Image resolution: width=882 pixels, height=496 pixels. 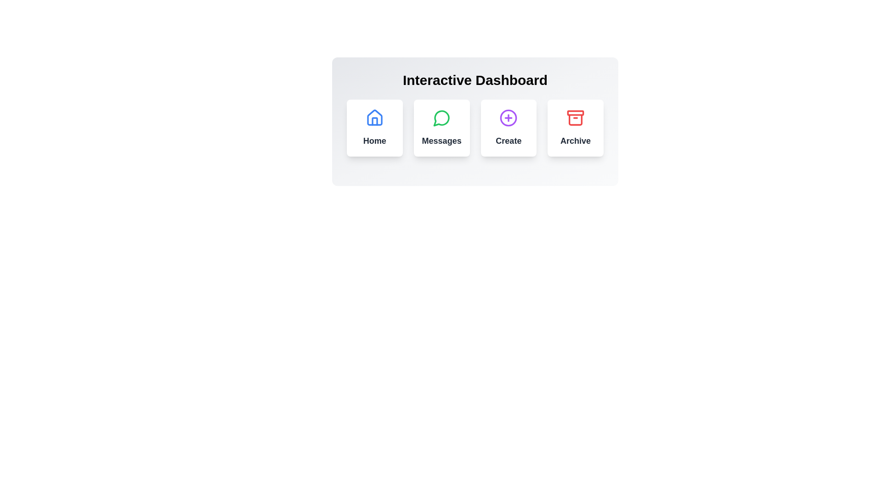 What do you see at coordinates (575, 113) in the screenshot?
I see `the uppermost rectangle of the archive box icon located in the fourth card labeled 'Archive' on the Interactive Dashboard` at bounding box center [575, 113].